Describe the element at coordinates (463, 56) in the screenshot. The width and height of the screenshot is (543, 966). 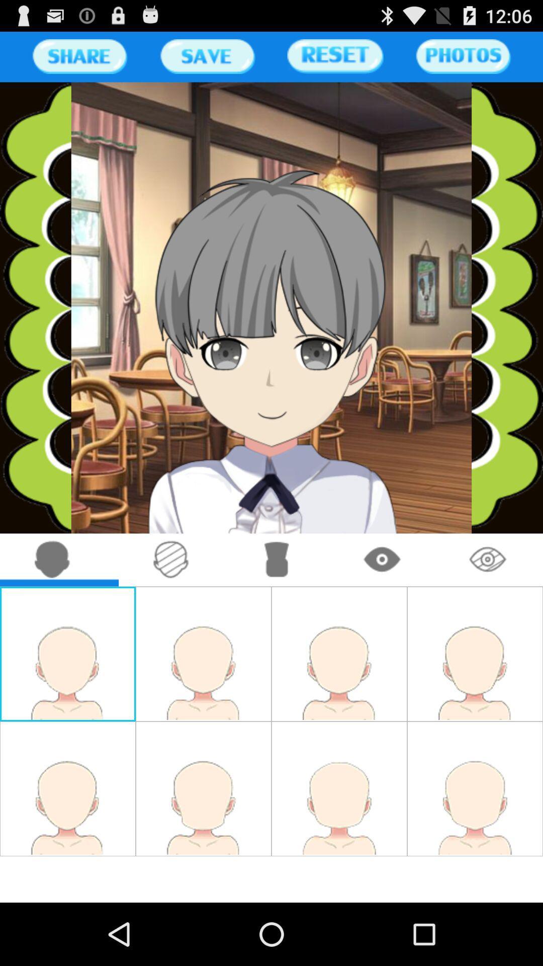
I see `open photos` at that location.